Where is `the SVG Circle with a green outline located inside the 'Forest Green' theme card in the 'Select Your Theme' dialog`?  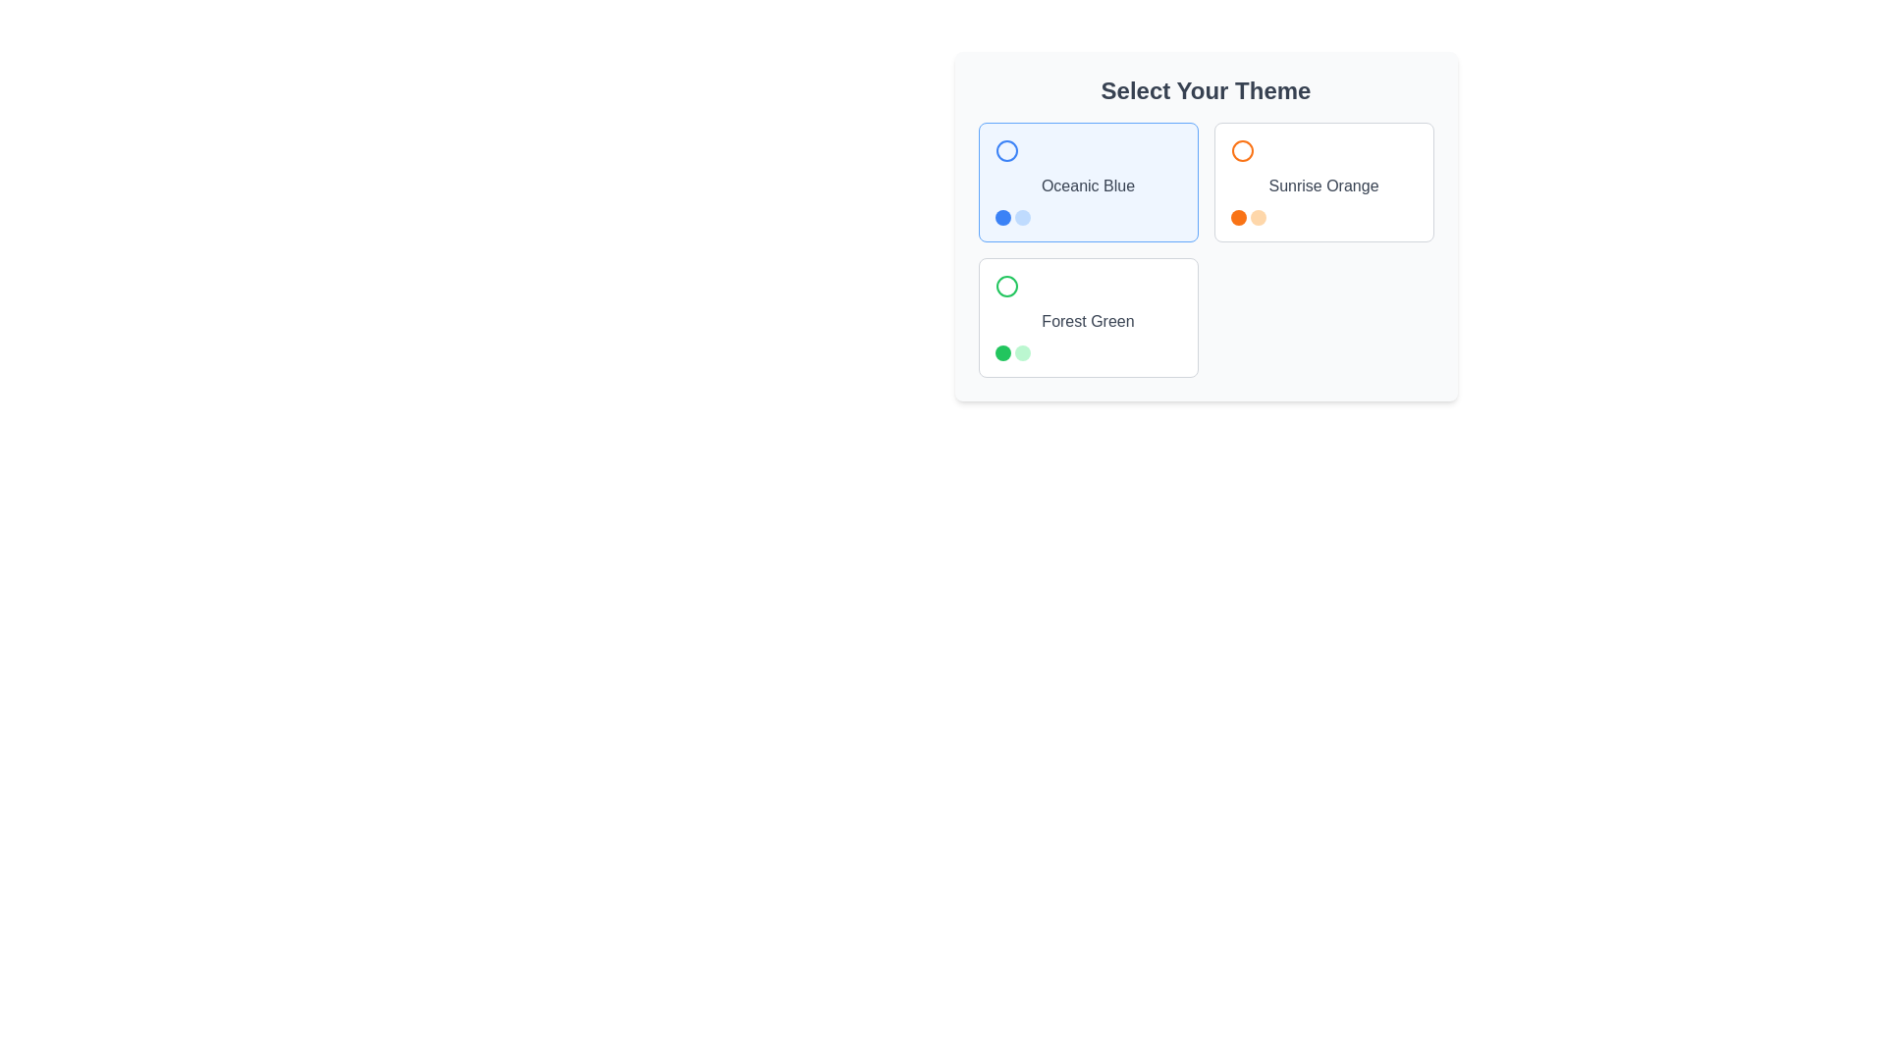 the SVG Circle with a green outline located inside the 'Forest Green' theme card in the 'Select Your Theme' dialog is located at coordinates (1006, 287).